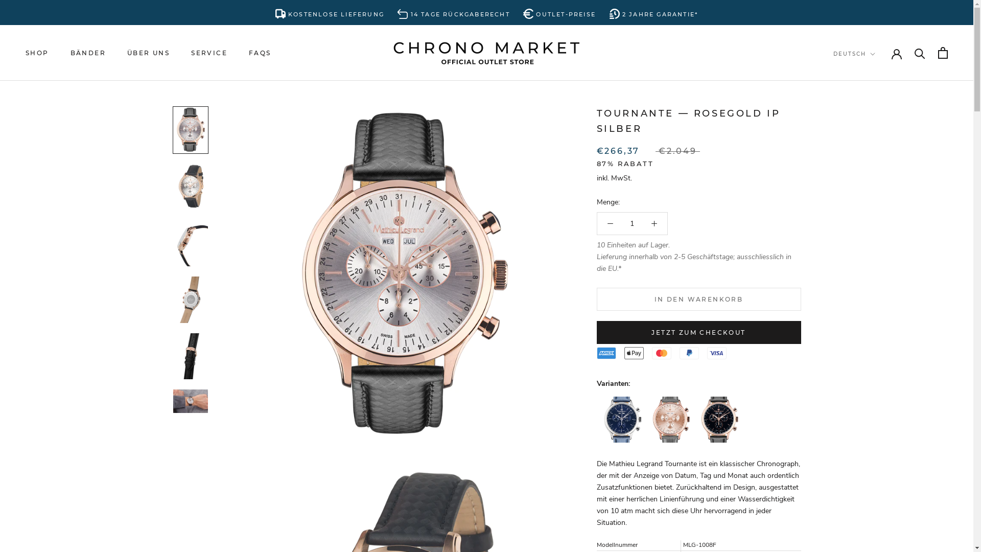 Image resolution: width=981 pixels, height=552 pixels. I want to click on 'SHOP, so click(37, 53).